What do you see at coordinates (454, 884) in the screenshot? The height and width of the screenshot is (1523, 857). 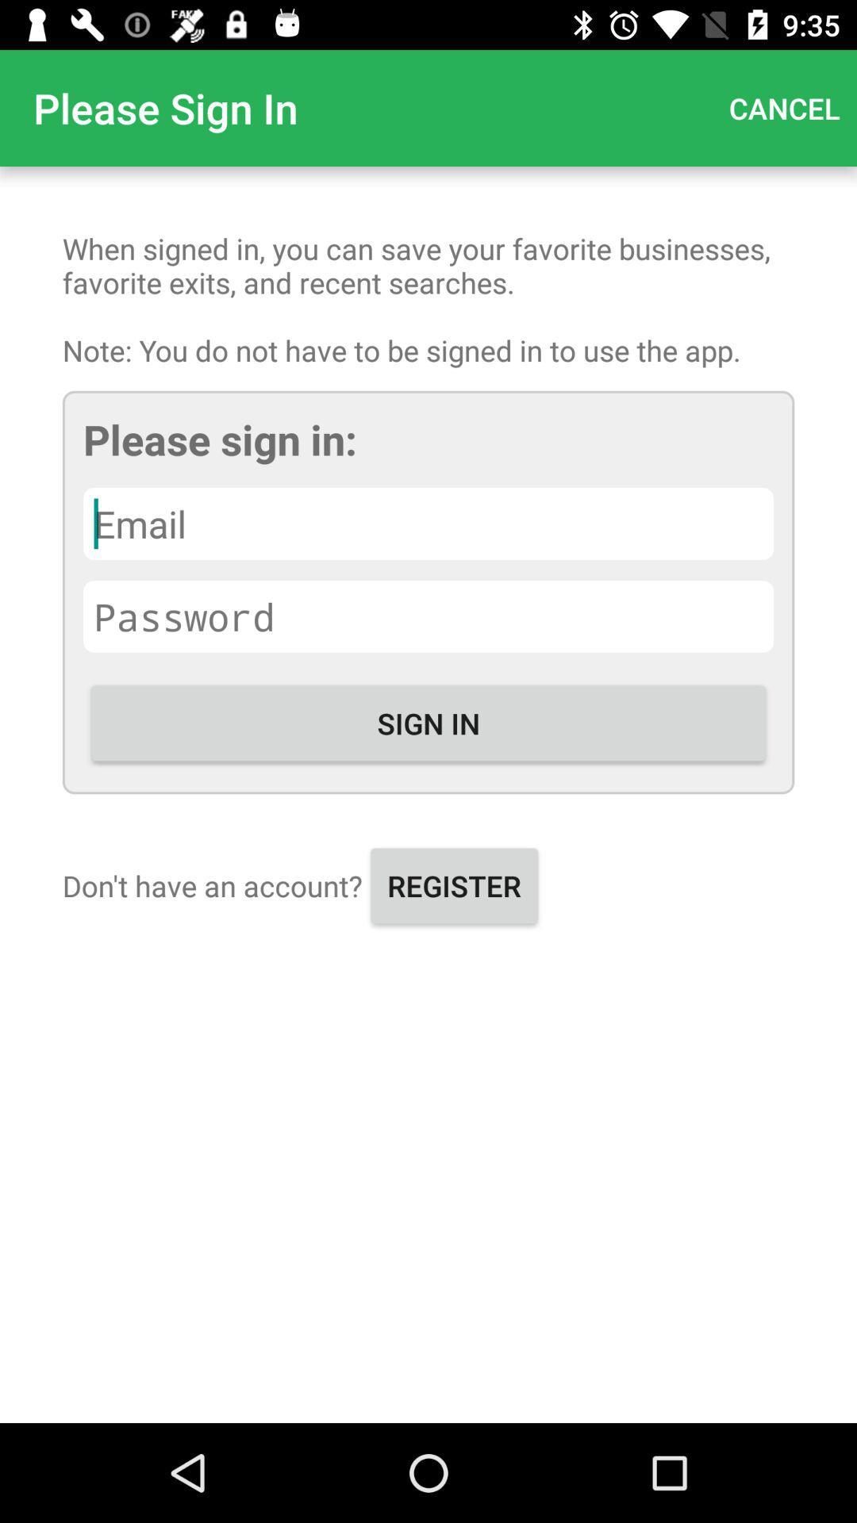 I see `item to the right of don t have icon` at bounding box center [454, 884].